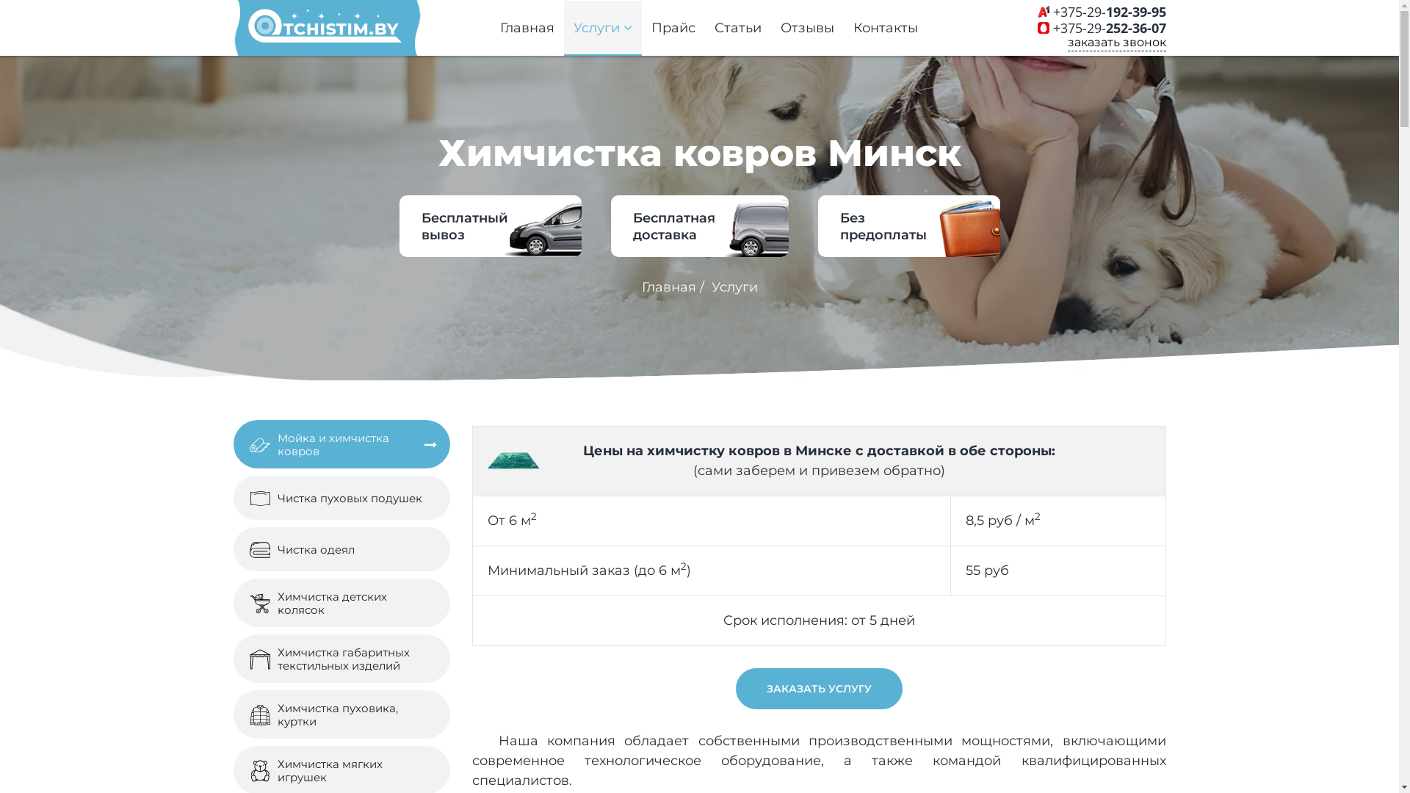 This screenshot has height=793, width=1410. I want to click on '+375-29-252-36-07', so click(1110, 28).